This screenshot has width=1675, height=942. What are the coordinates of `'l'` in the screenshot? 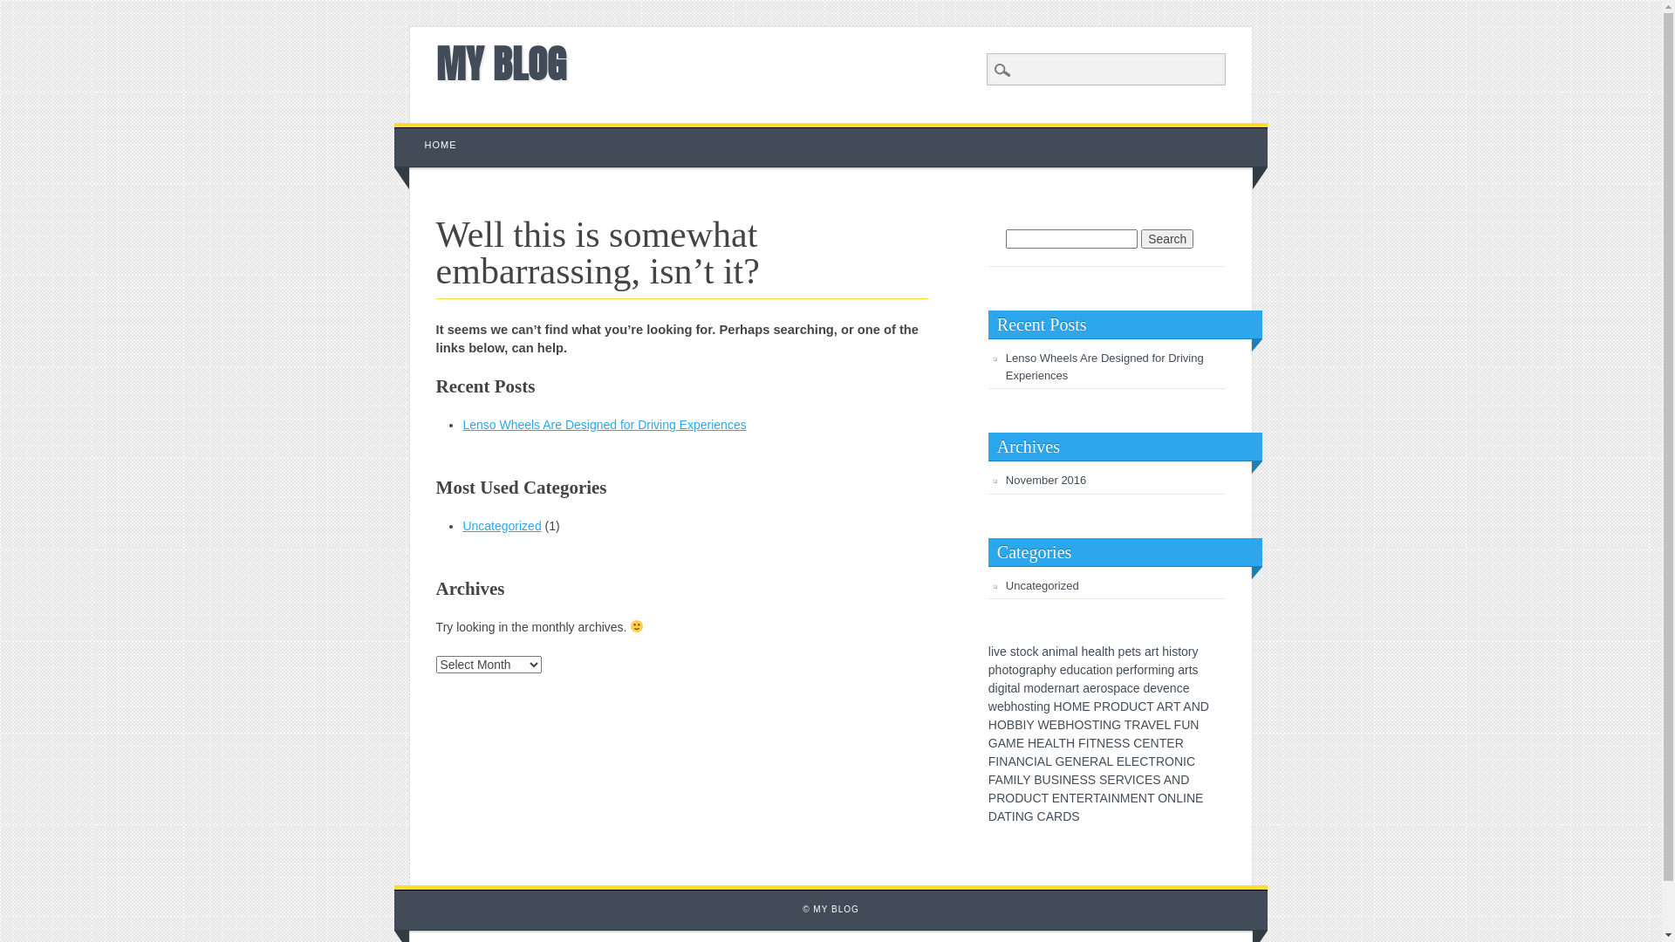 It's located at (989, 652).